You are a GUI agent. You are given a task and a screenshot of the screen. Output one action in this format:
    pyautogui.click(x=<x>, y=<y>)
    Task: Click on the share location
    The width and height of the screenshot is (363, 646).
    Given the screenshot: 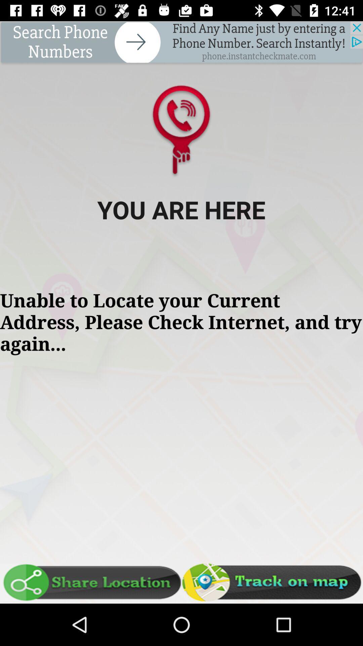 What is the action you would take?
    pyautogui.click(x=91, y=582)
    